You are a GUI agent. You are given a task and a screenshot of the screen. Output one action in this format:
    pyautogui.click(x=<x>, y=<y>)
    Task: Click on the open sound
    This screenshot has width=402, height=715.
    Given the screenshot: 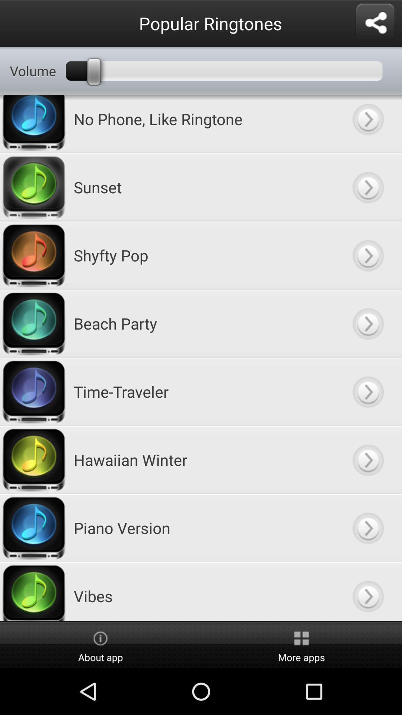 What is the action you would take?
    pyautogui.click(x=367, y=124)
    